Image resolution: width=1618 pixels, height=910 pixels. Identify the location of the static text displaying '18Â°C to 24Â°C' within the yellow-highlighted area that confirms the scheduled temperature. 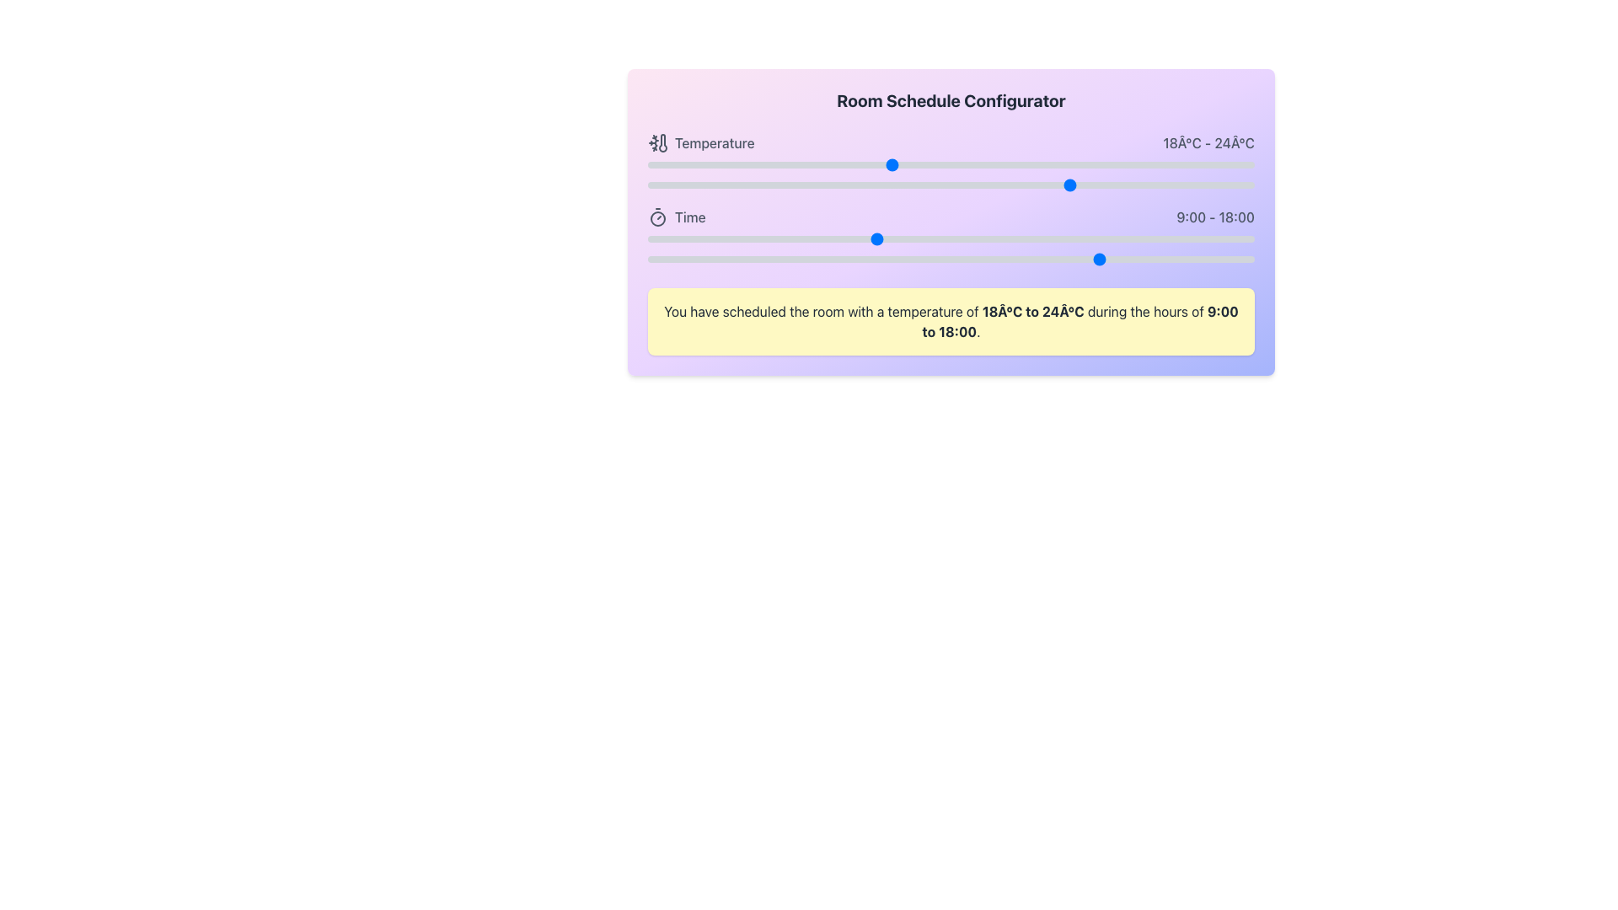
(1032, 312).